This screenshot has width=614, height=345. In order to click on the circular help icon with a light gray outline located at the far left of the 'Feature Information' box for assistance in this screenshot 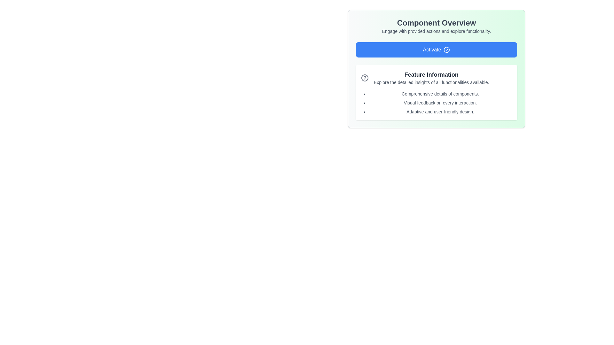, I will do `click(365, 77)`.